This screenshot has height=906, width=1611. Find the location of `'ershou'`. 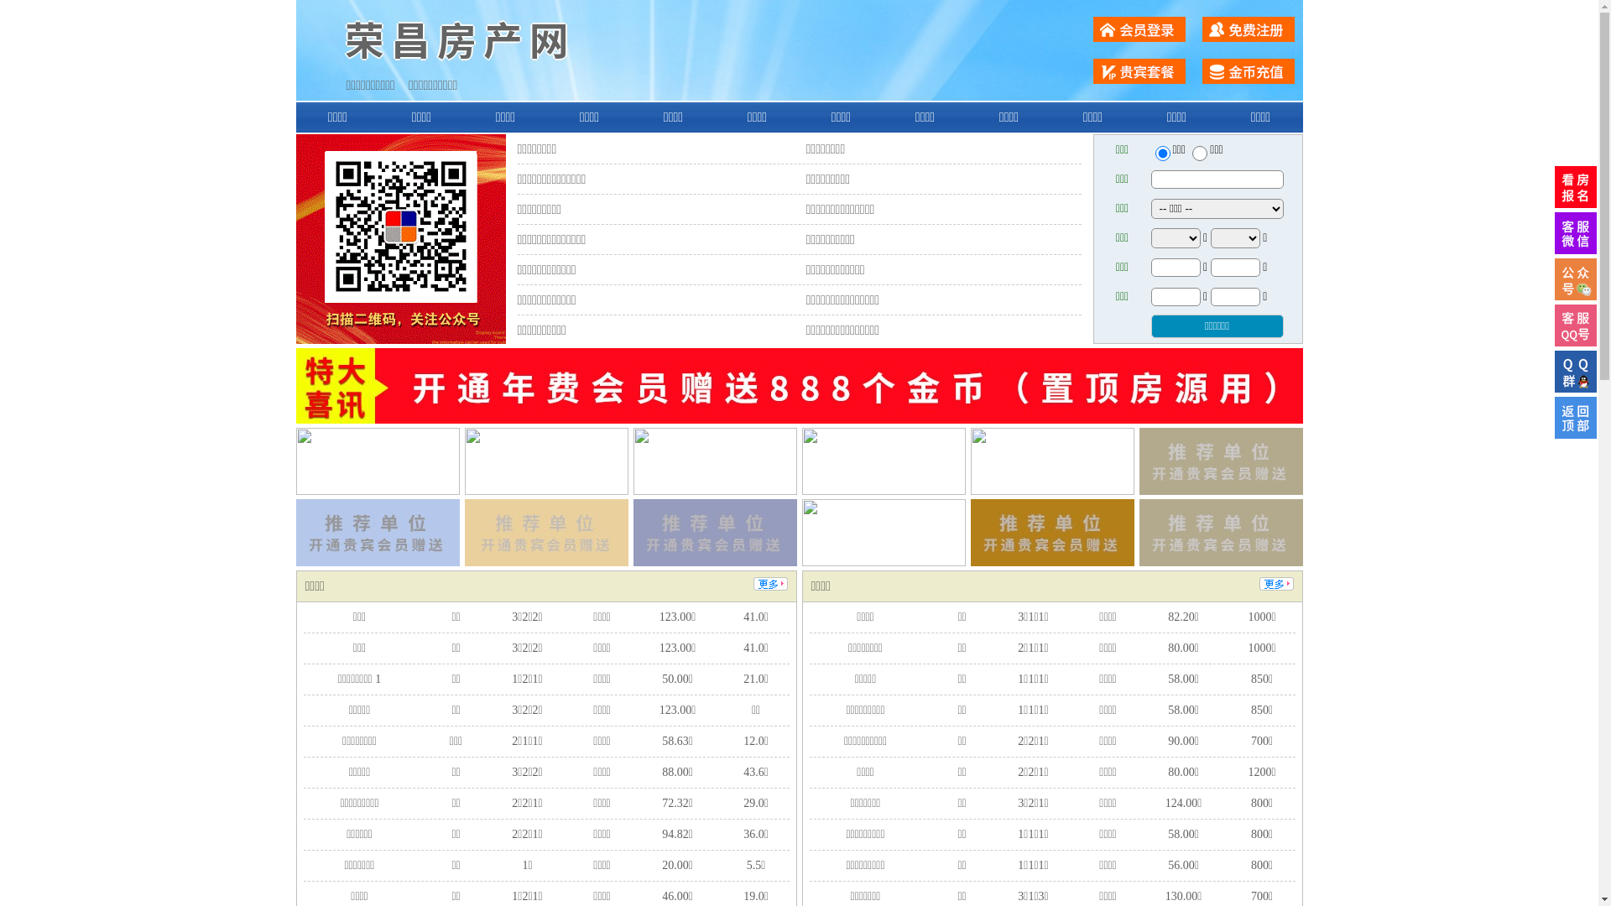

'ershou' is located at coordinates (1161, 153).